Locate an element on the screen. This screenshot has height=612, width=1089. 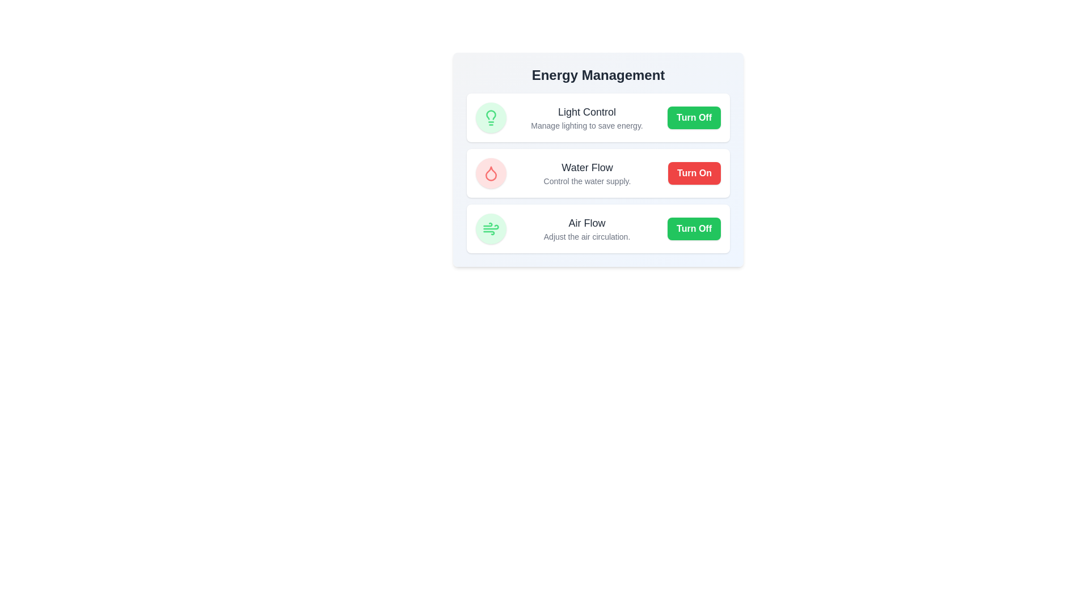
the Text Label element that reads 'Control the water supply.' located in the 'Water Flow' section of the 'Energy Management' interface is located at coordinates (587, 181).